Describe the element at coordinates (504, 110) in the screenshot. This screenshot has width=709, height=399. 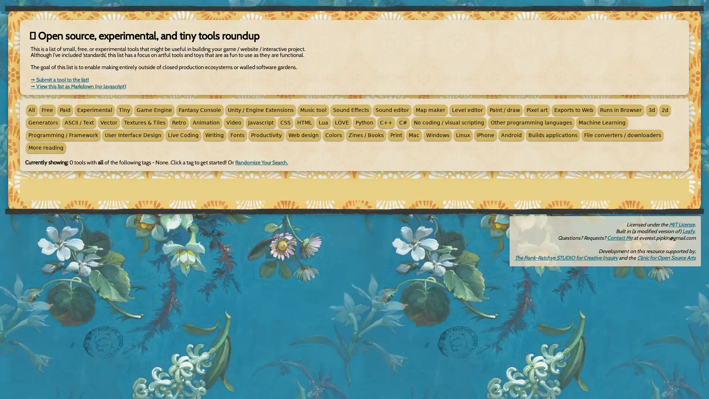
I see `Paint / draw` at that location.